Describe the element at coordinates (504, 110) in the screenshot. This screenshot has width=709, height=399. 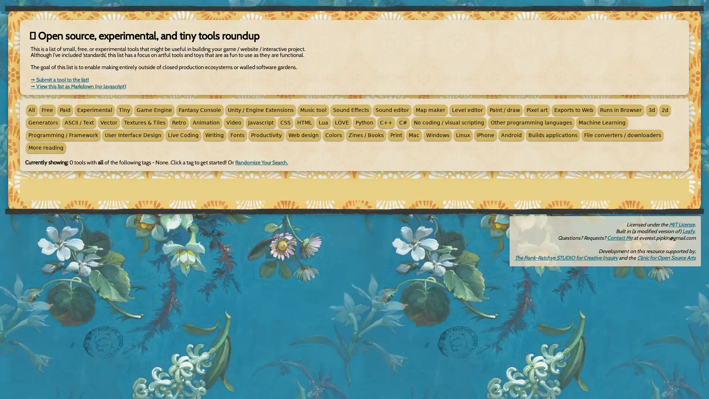
I see `Paint / draw` at that location.